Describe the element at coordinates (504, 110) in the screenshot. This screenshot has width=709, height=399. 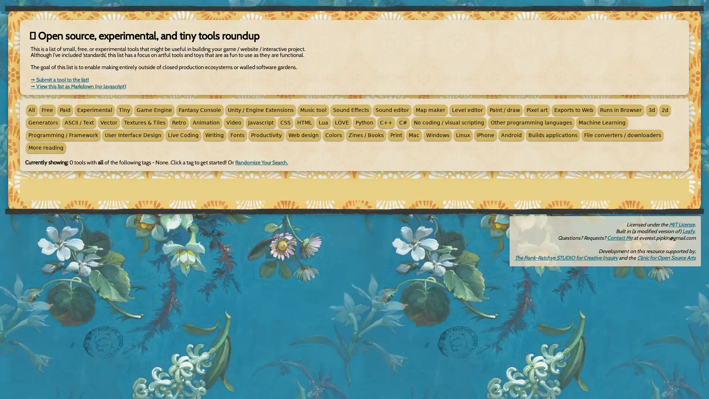
I see `Paint / draw` at that location.